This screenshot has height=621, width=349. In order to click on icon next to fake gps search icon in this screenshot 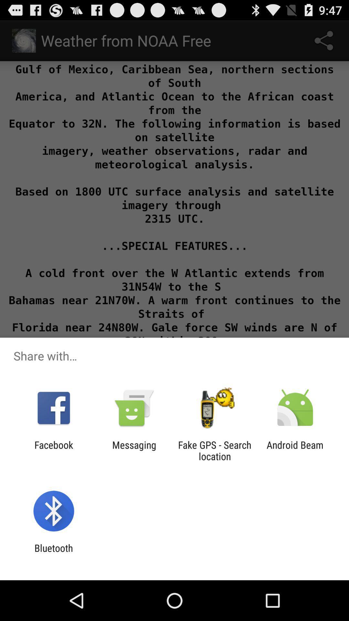, I will do `click(295, 450)`.